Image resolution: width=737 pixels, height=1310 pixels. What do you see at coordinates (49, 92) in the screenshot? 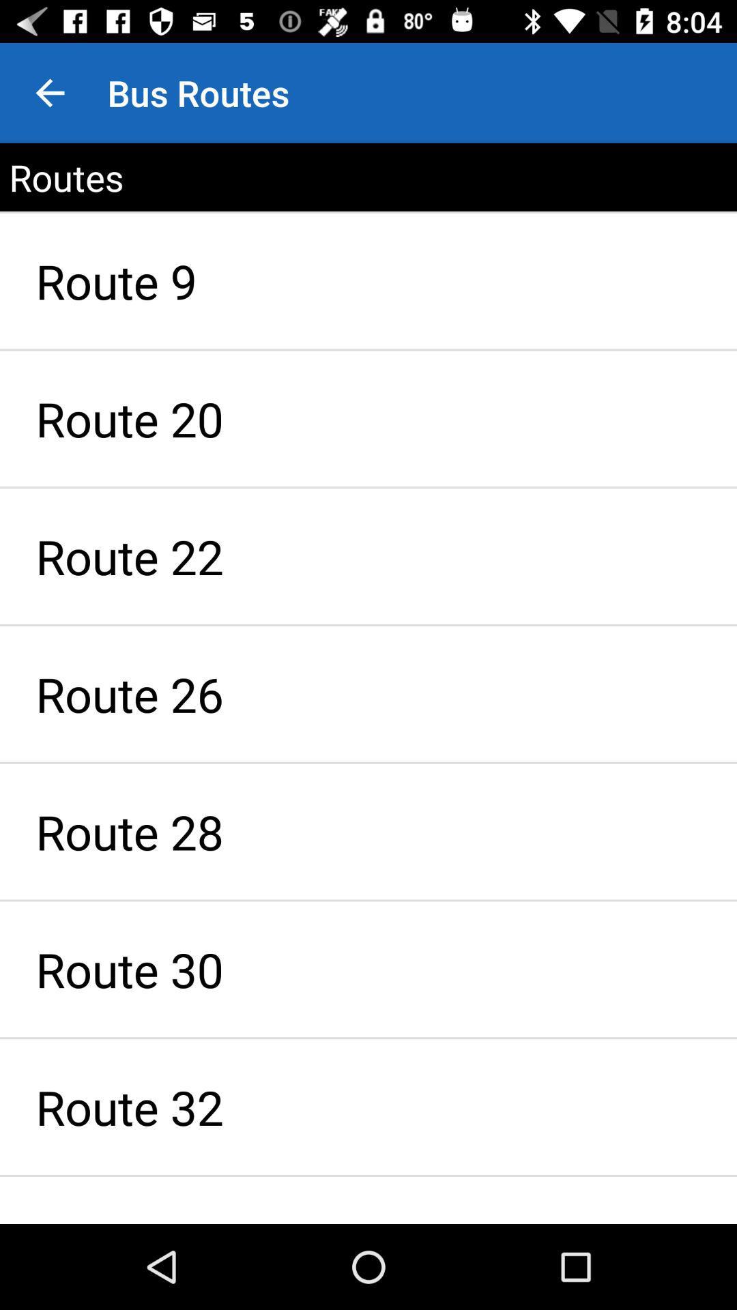
I see `item above the routes item` at bounding box center [49, 92].